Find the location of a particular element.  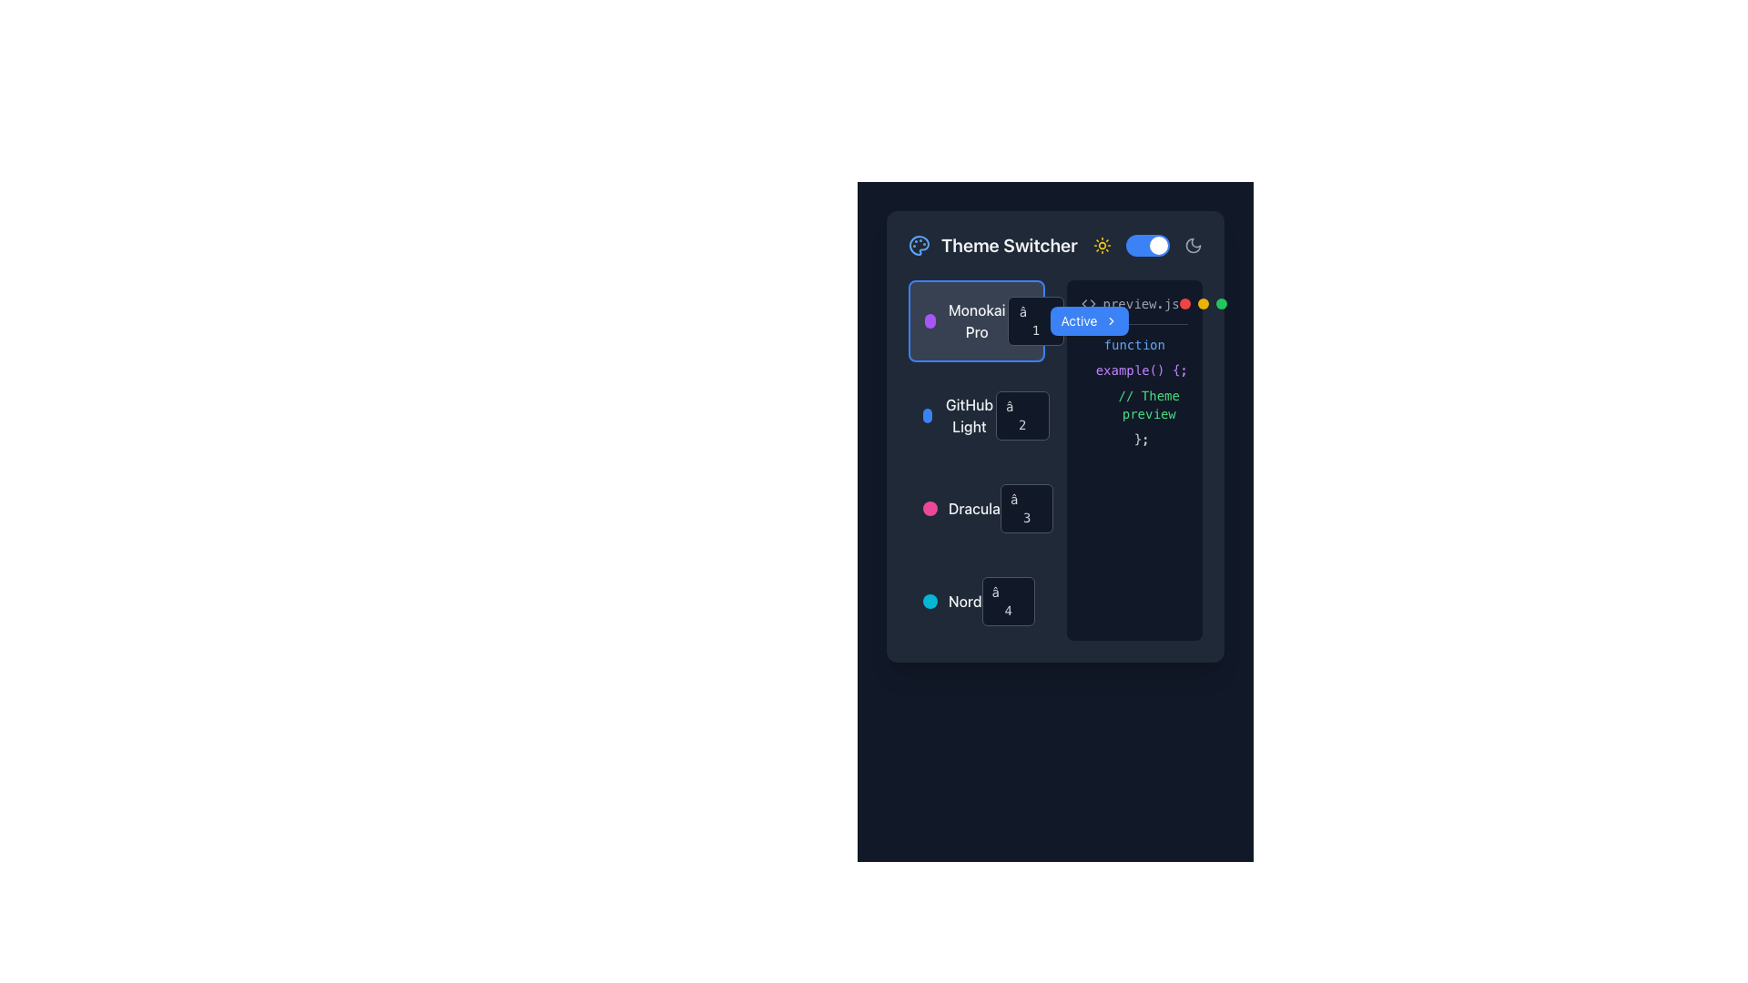

the fourth selectable item in the 'Theme Switcher' section to apply the 'Nord' theme is located at coordinates (975, 601).